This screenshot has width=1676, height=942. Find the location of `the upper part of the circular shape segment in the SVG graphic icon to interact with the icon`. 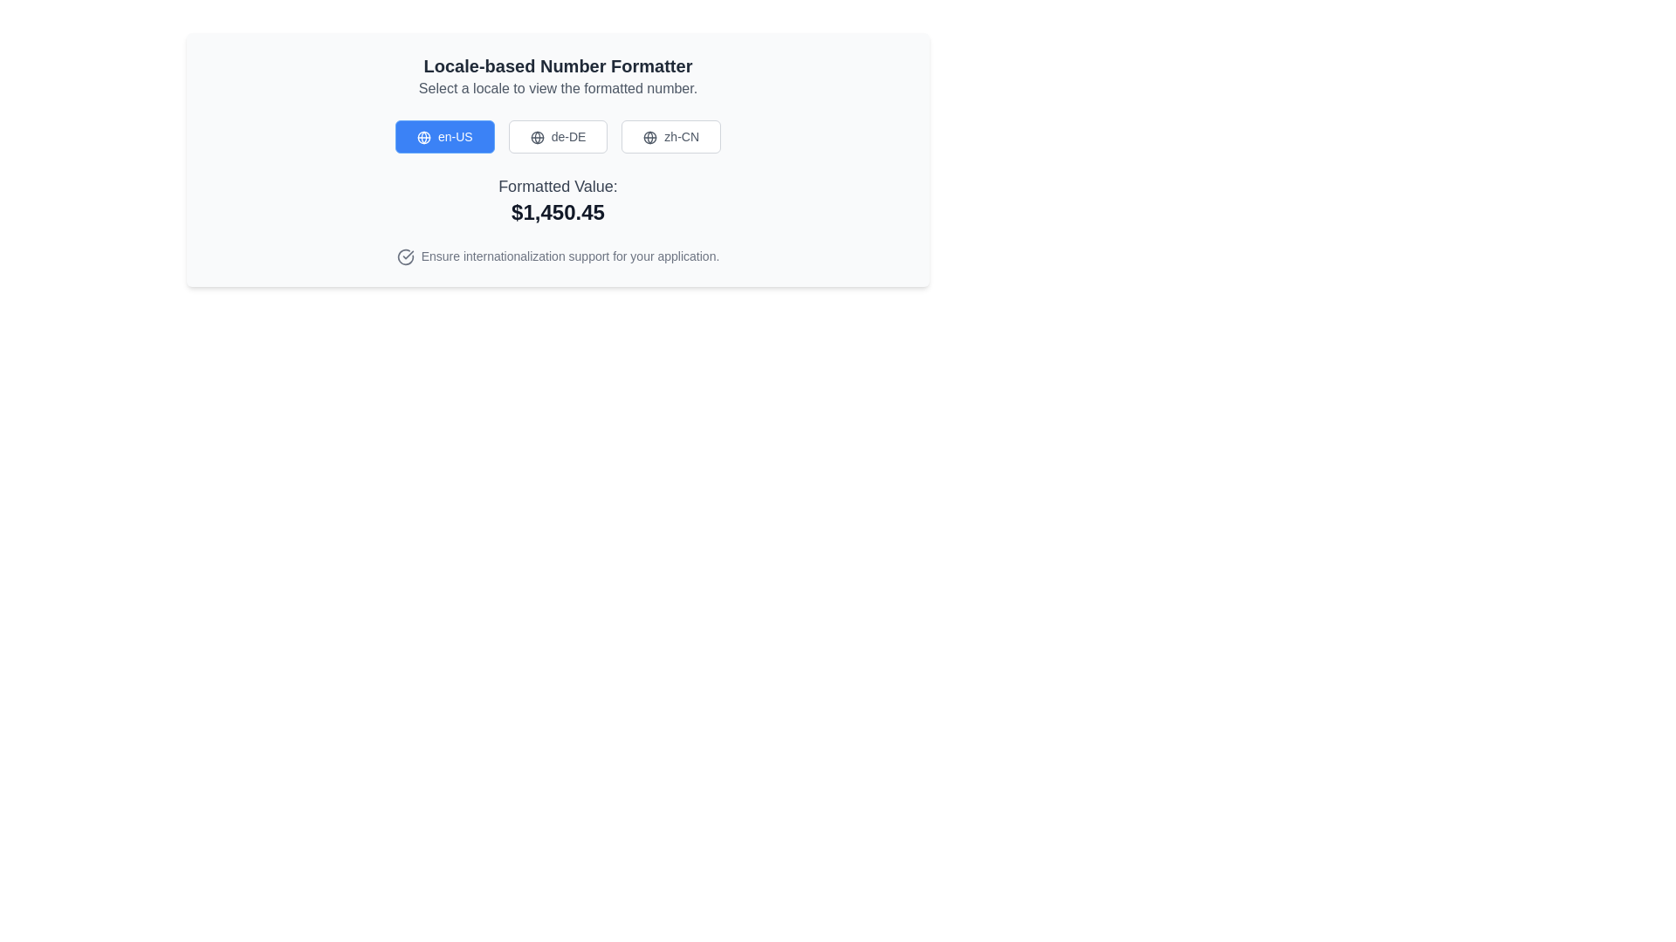

the upper part of the circular shape segment in the SVG graphic icon to interact with the icon is located at coordinates (404, 257).